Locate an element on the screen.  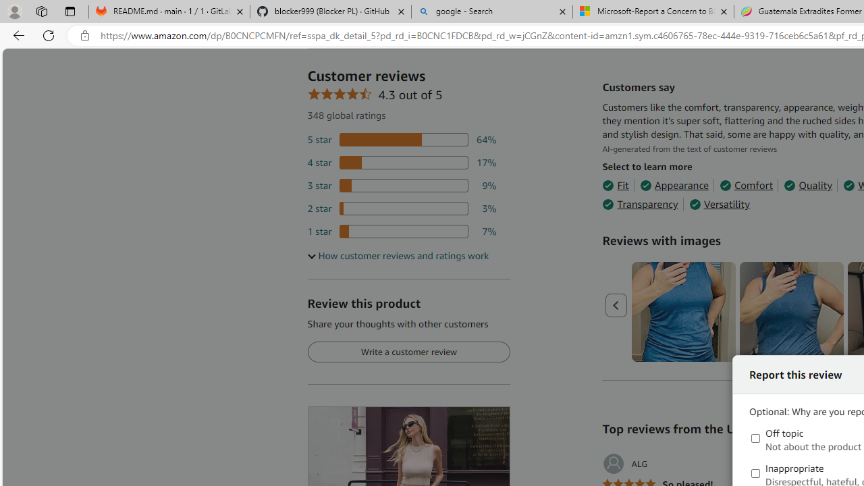
'ALG' is located at coordinates (624, 463).